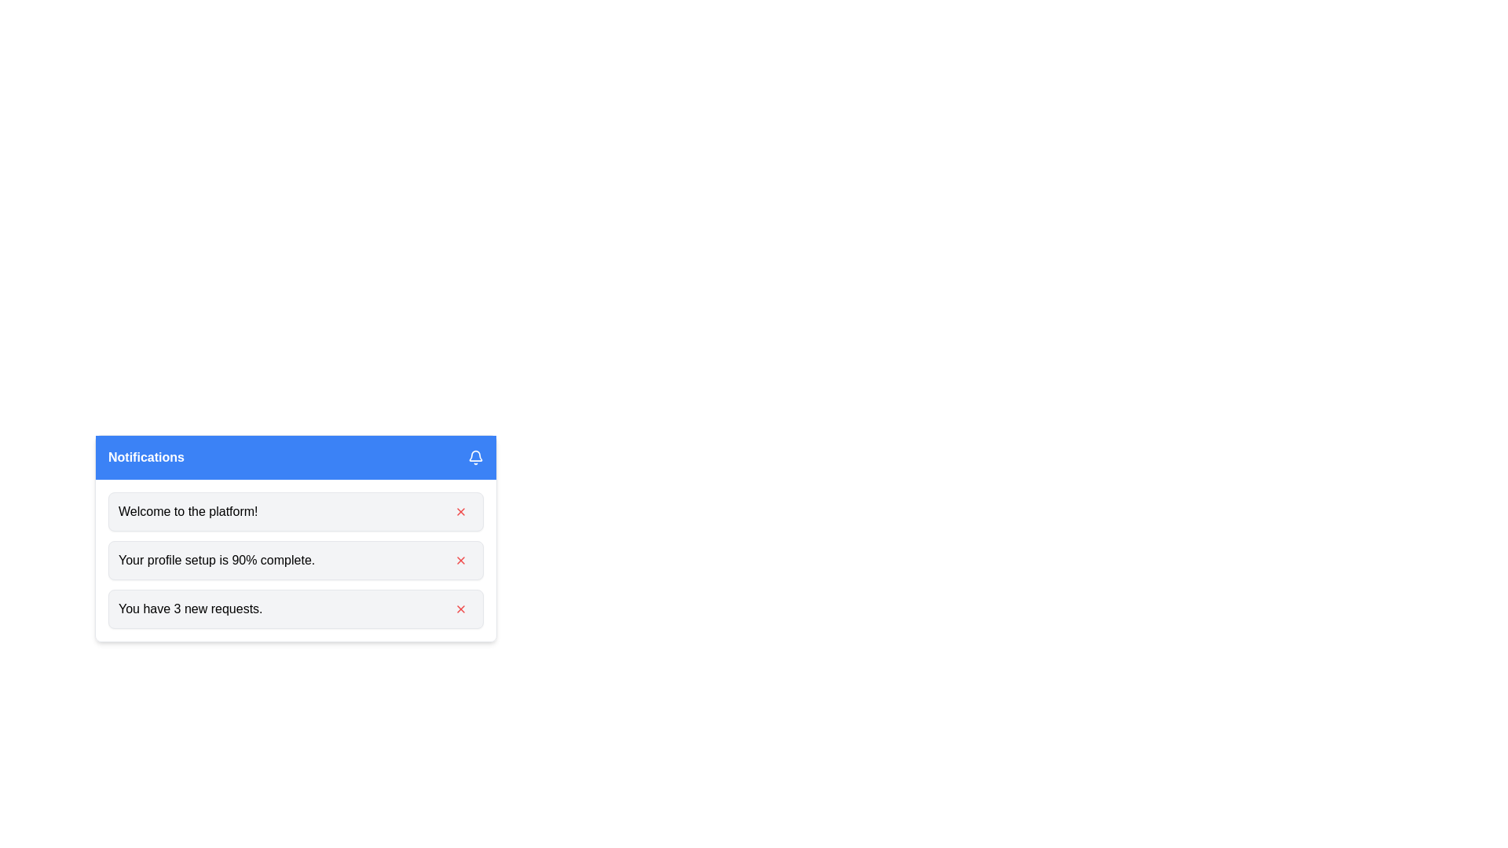  I want to click on the icon button located in the rightmost section of the third notification entry, so click(459, 608).